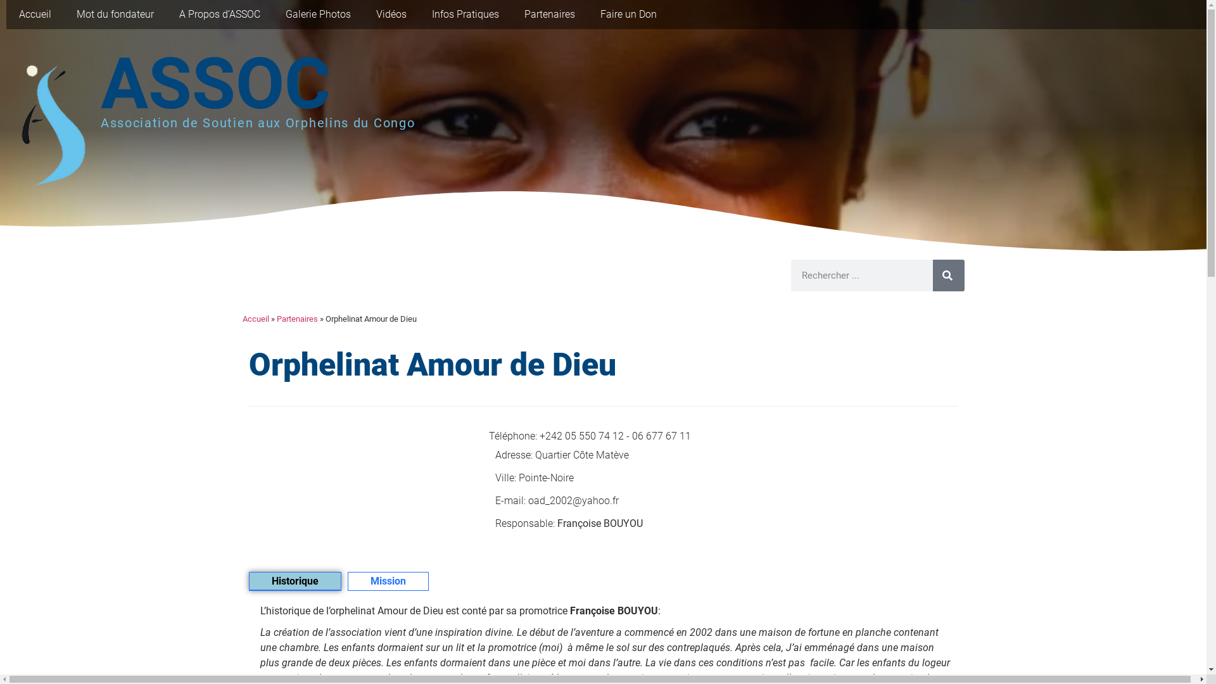  Describe the element at coordinates (215, 84) in the screenshot. I see `'ASSOC'` at that location.